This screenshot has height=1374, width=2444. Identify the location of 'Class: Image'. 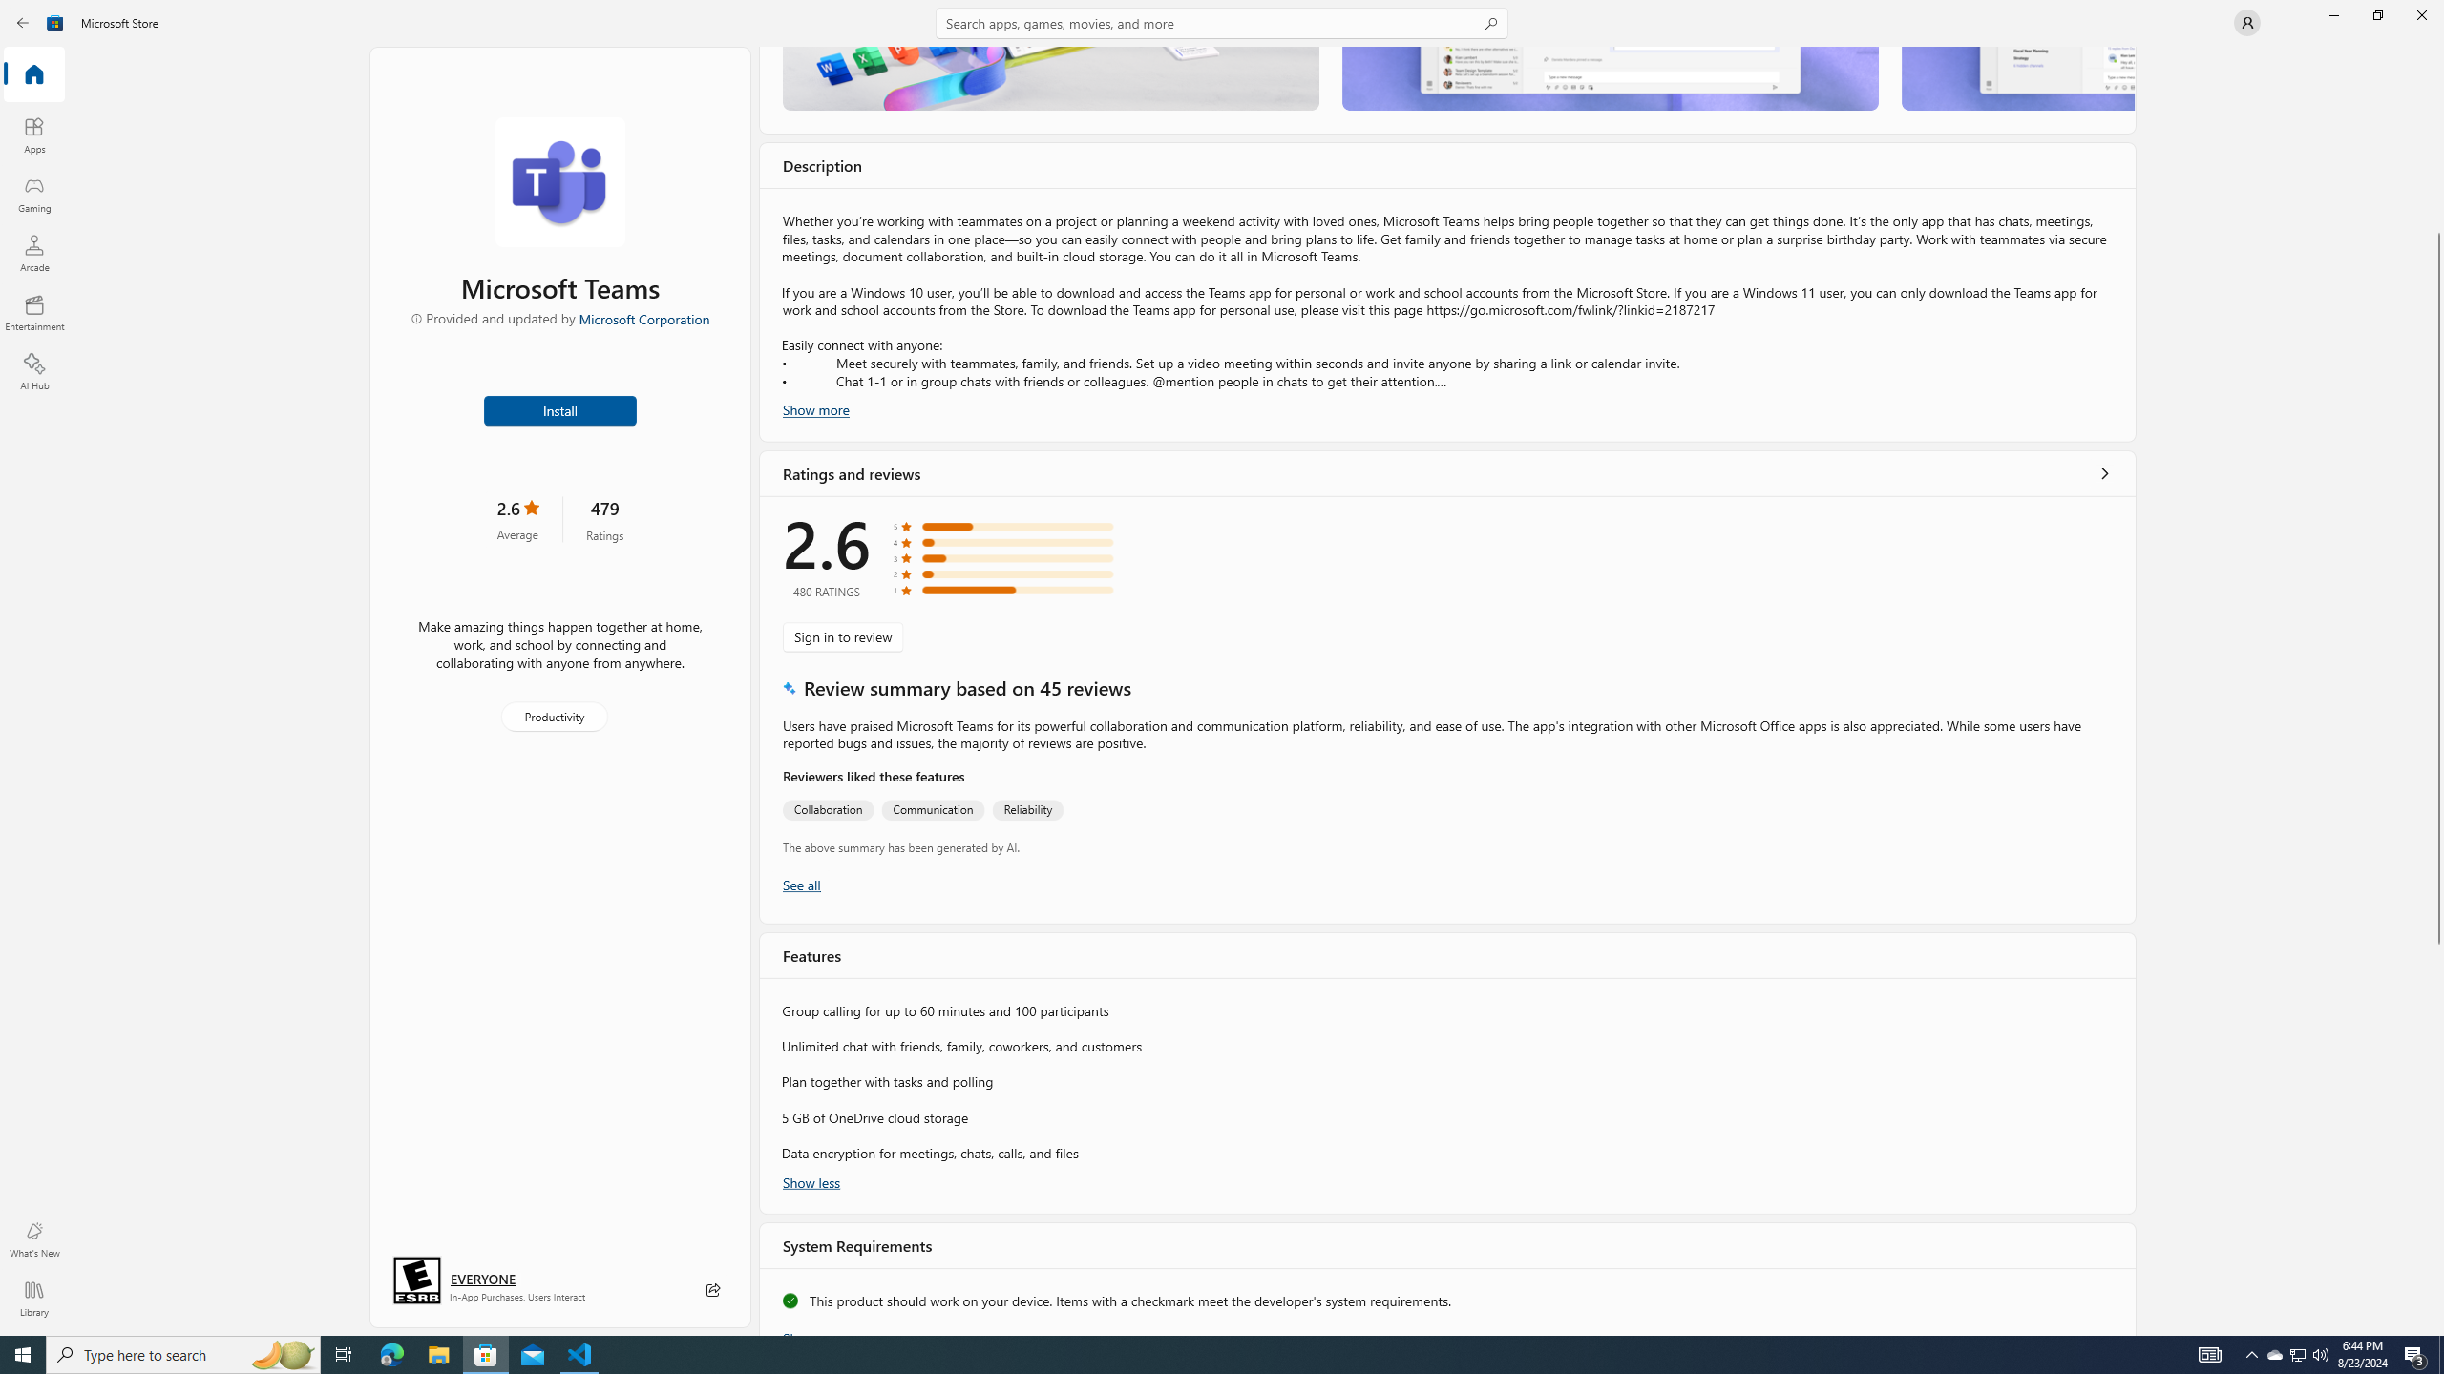
(27, 21).